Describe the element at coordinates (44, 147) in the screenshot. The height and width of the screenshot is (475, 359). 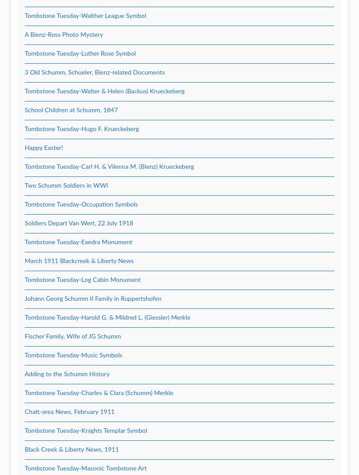
I see `'Happy Easter!'` at that location.